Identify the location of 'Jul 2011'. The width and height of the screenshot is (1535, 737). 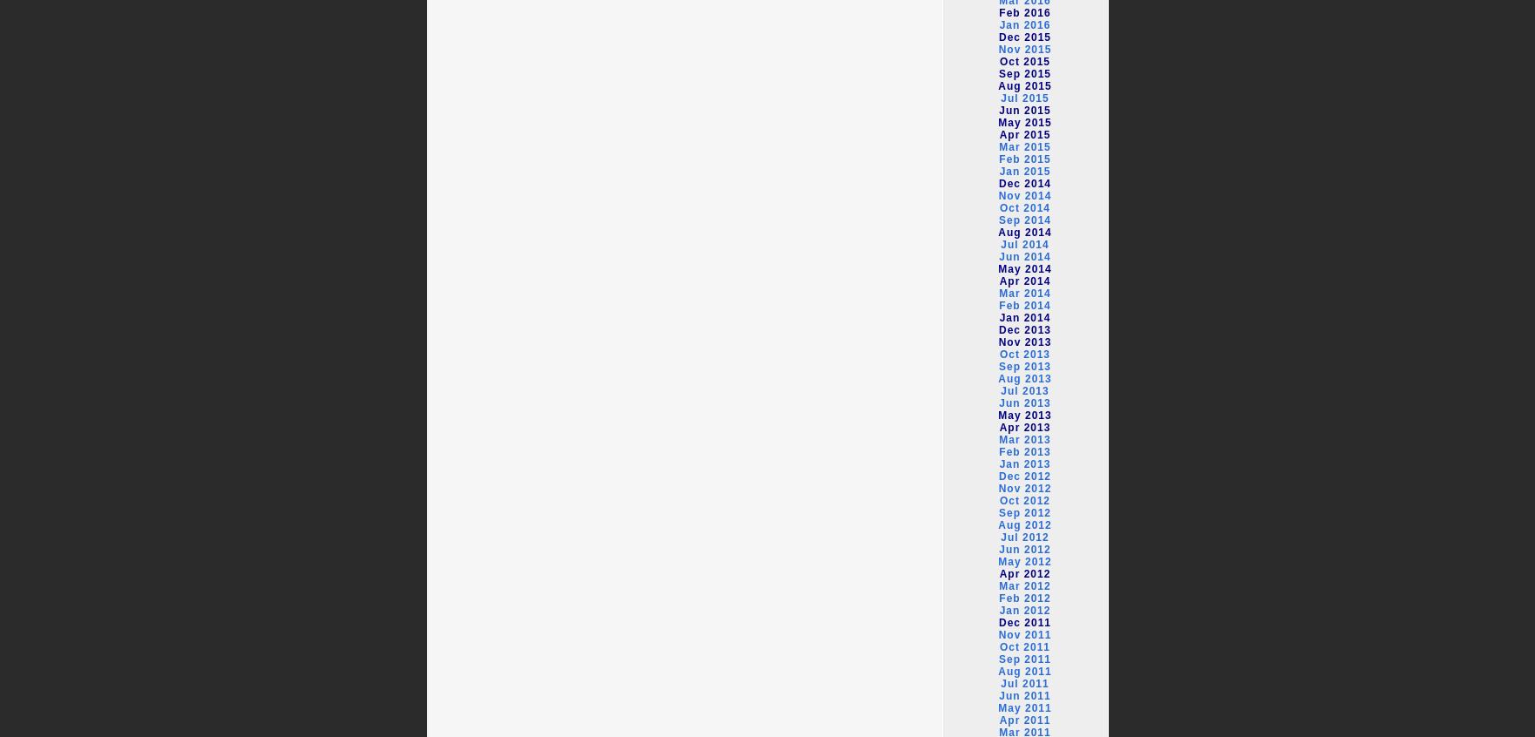
(1024, 684).